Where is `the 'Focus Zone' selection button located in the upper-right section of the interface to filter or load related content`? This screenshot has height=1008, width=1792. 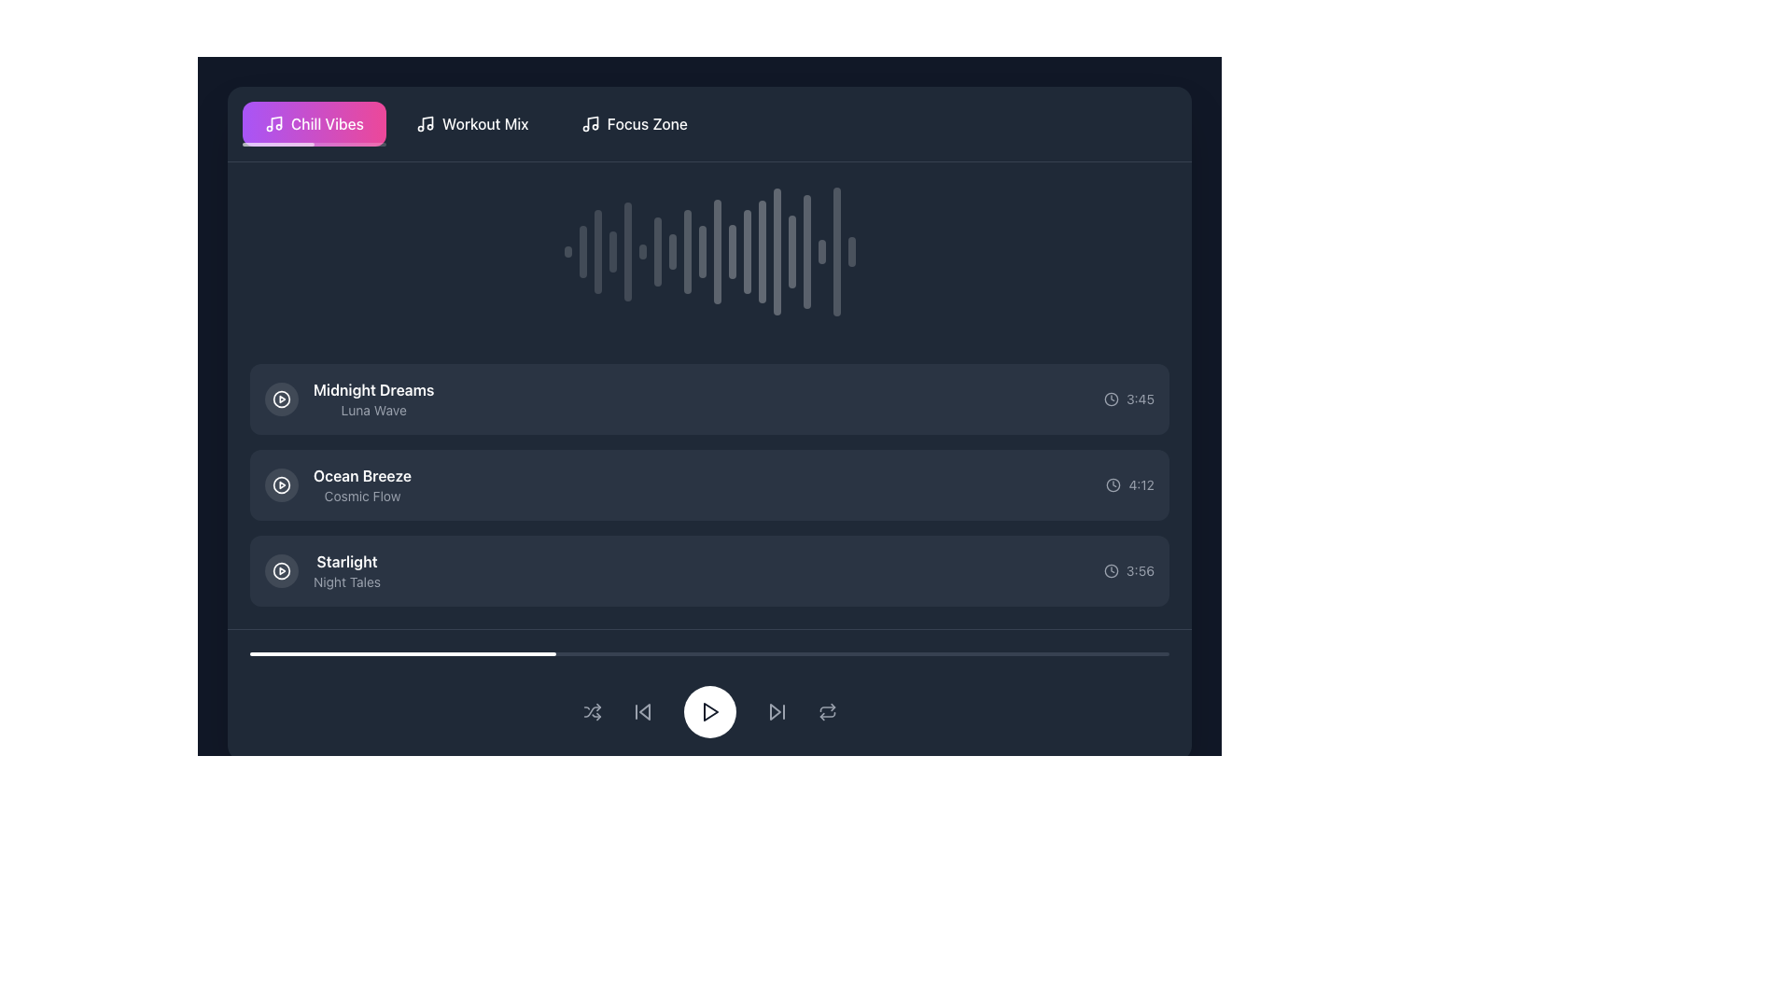
the 'Focus Zone' selection button located in the upper-right section of the interface to filter or load related content is located at coordinates (634, 123).